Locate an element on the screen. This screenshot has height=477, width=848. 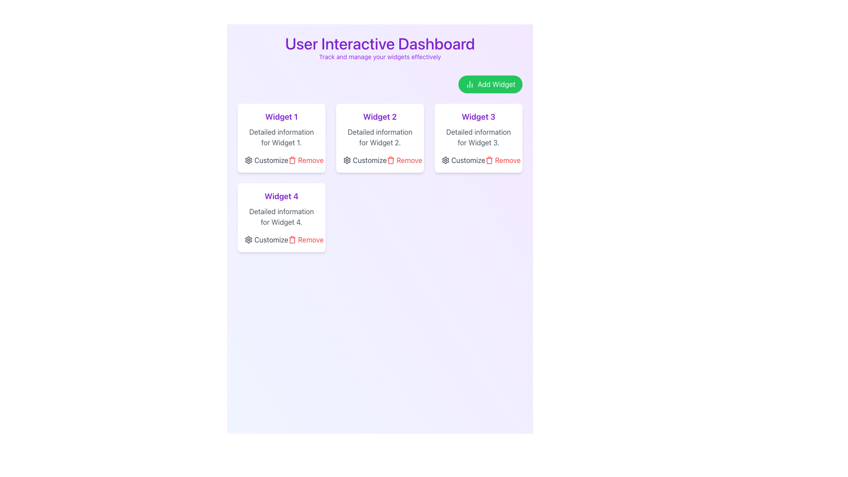
the descriptive text that provides details about Widget 4, located directly below the 'Widget 4' title within the fourth card of the User Interactive Dashboard is located at coordinates (281, 216).